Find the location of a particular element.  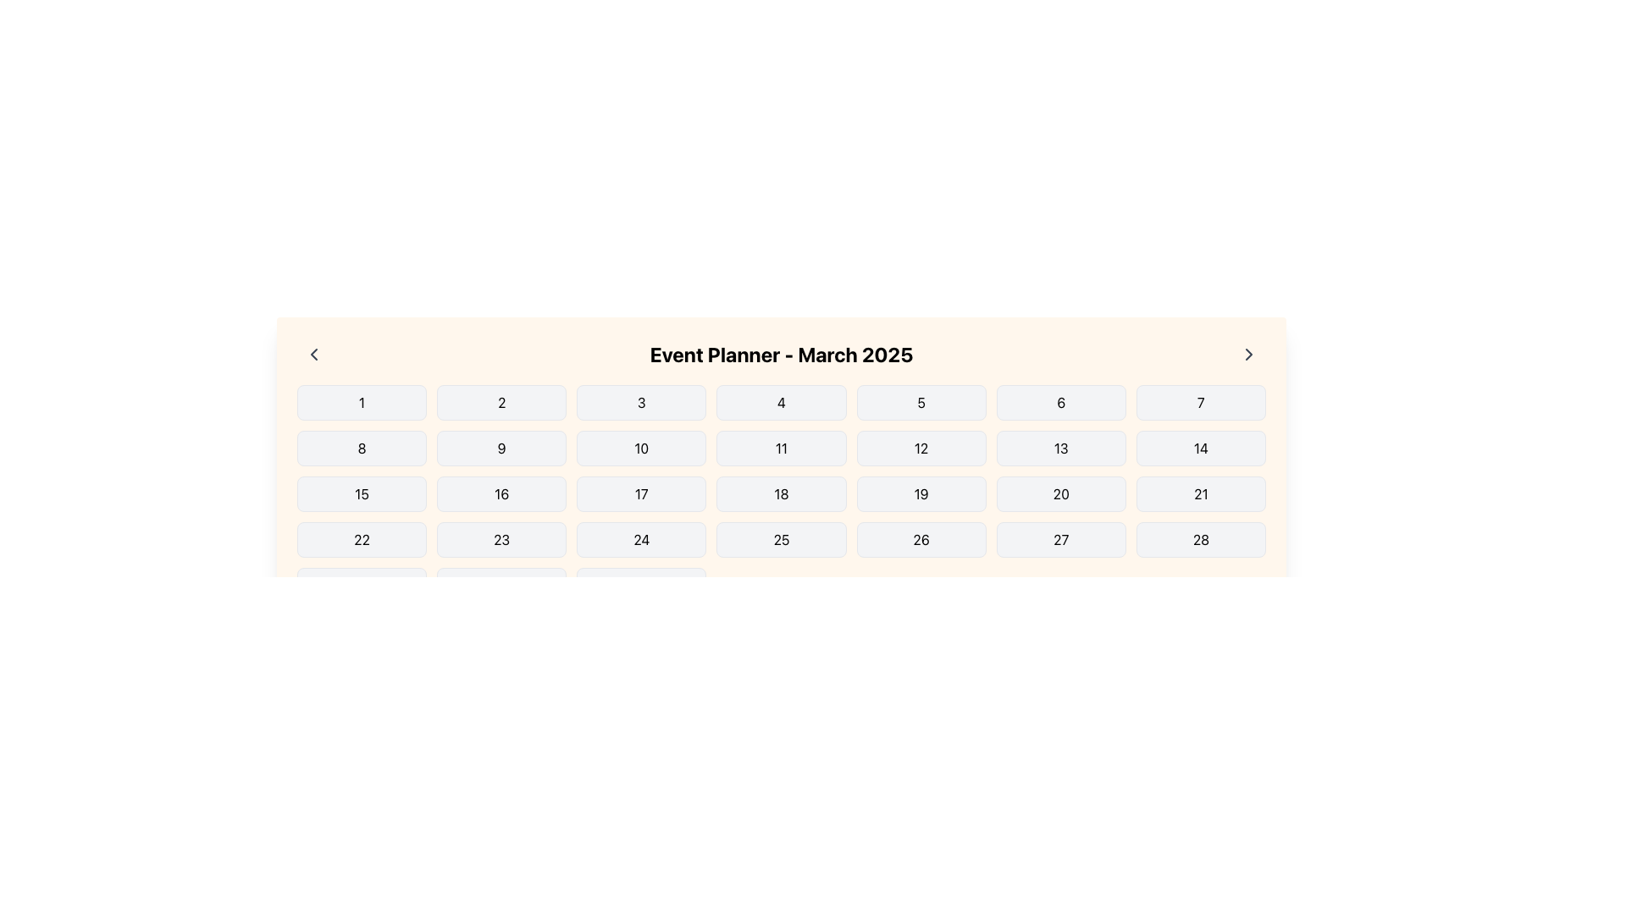

the static text element displaying the number '22' in the fourth row and fourth column of the calendar grid is located at coordinates (361, 539).